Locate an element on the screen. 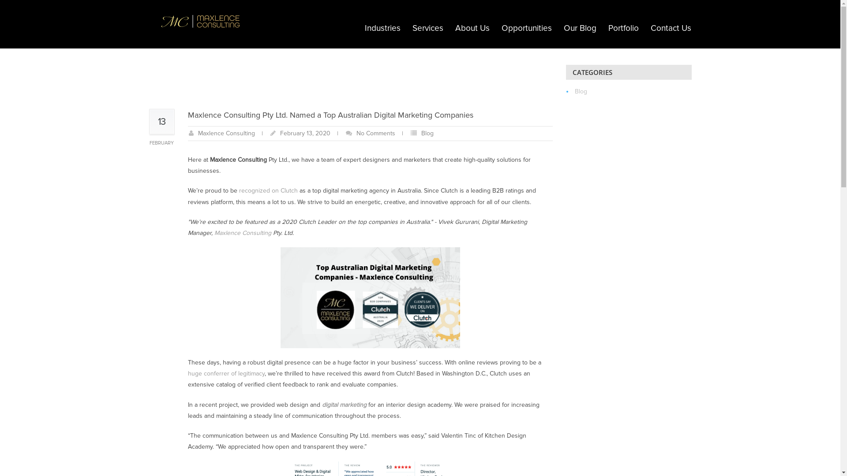 This screenshot has height=476, width=847. 'digital marketing' is located at coordinates (344, 405).